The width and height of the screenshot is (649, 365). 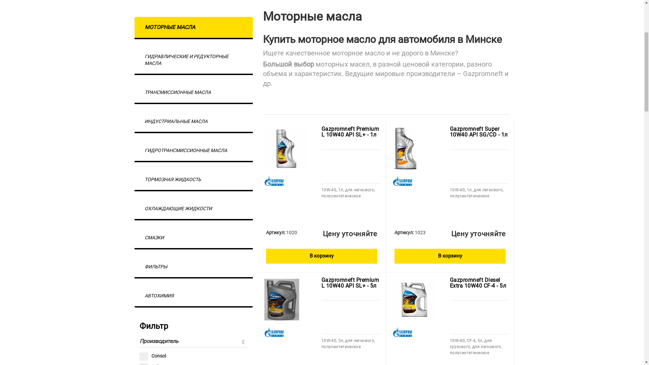 What do you see at coordinates (191, 9) in the screenshot?
I see `'+375(29)175-17-61'` at bounding box center [191, 9].